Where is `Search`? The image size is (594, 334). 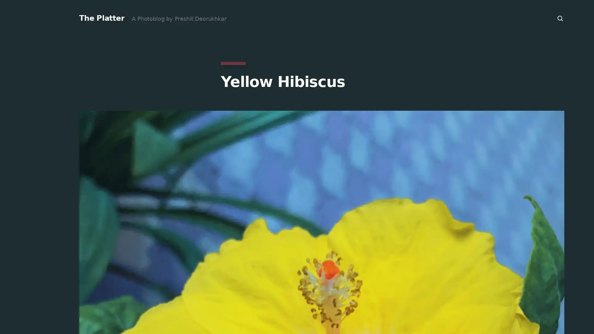
Search is located at coordinates (560, 18).